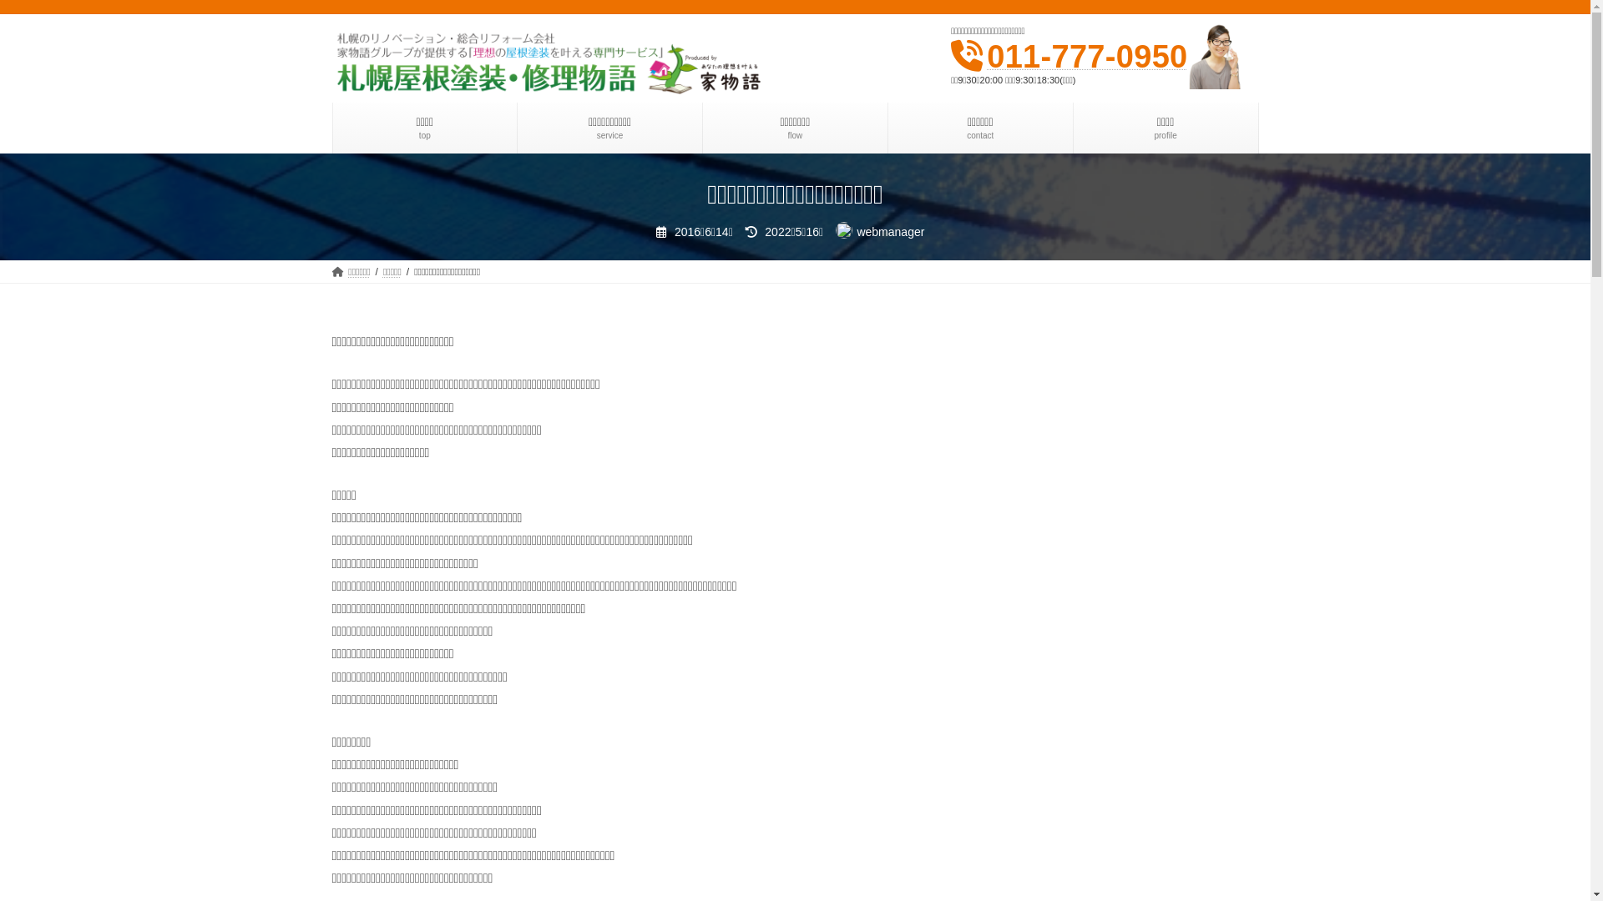 This screenshot has width=1603, height=901. What do you see at coordinates (986, 56) in the screenshot?
I see `'011-777-0950'` at bounding box center [986, 56].